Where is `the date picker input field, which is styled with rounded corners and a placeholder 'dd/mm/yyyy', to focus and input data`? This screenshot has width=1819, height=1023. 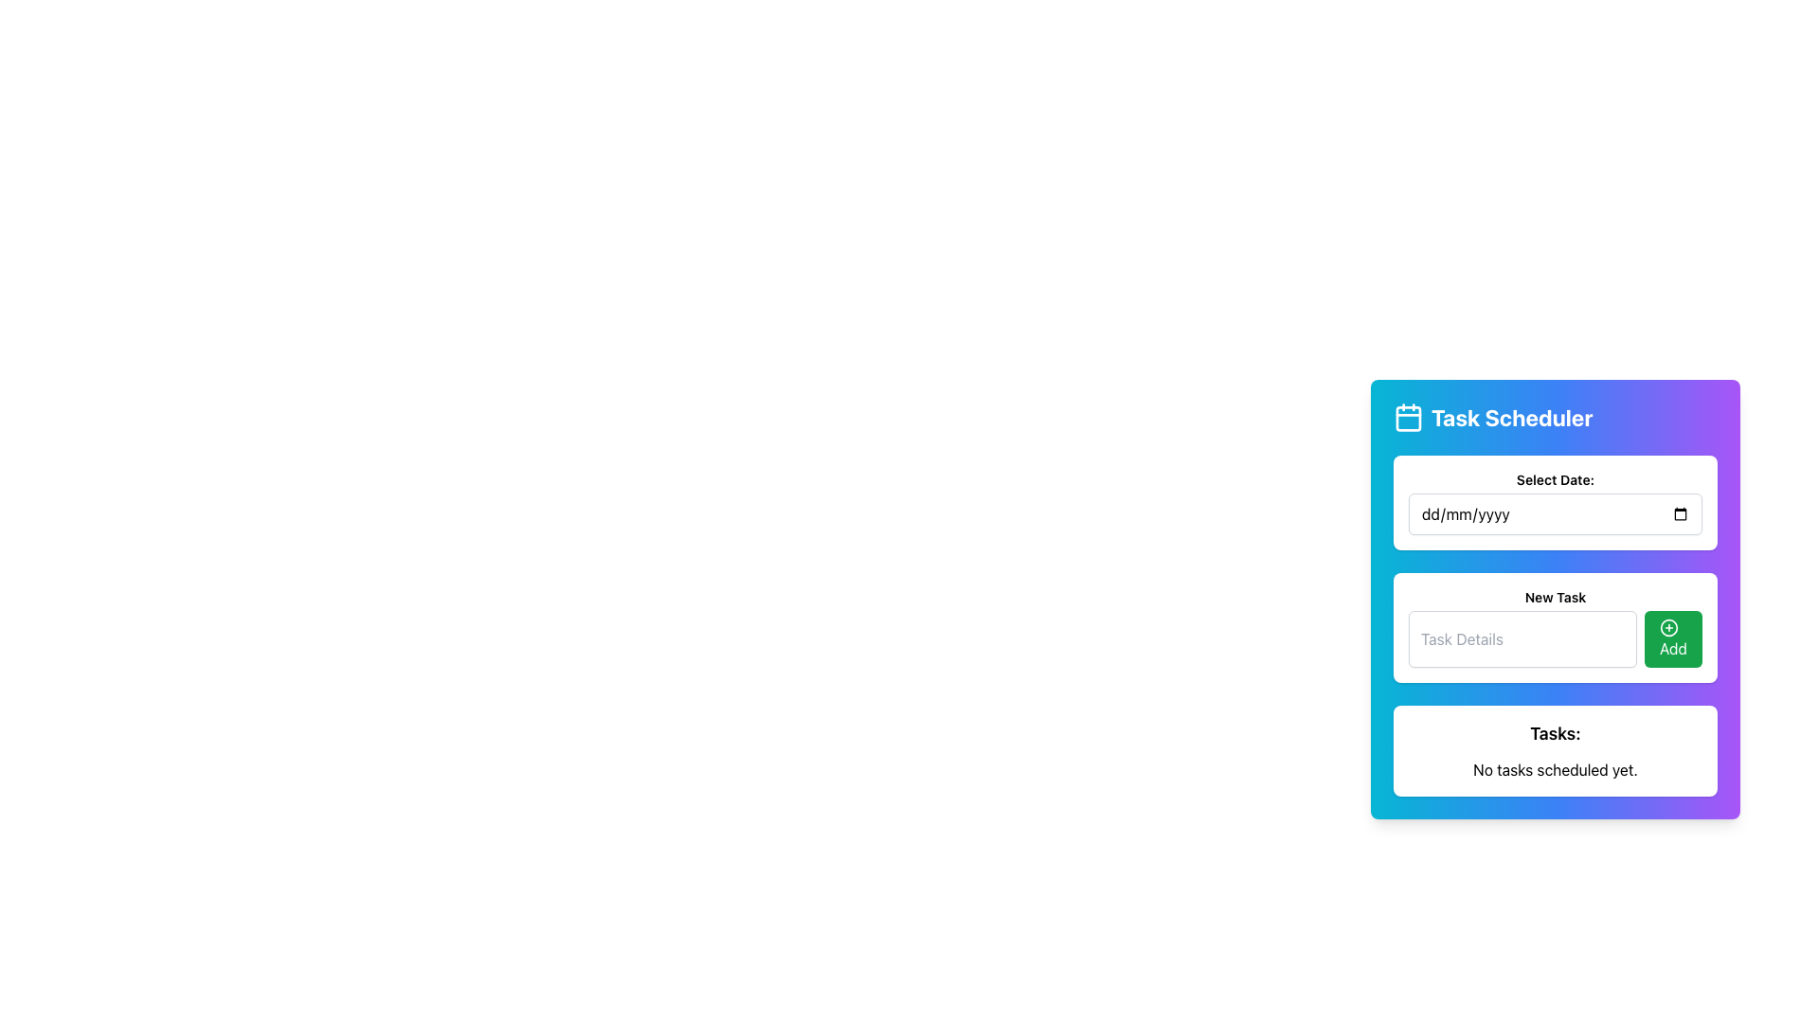 the date picker input field, which is styled with rounded corners and a placeholder 'dd/mm/yyyy', to focus and input data is located at coordinates (1555, 514).